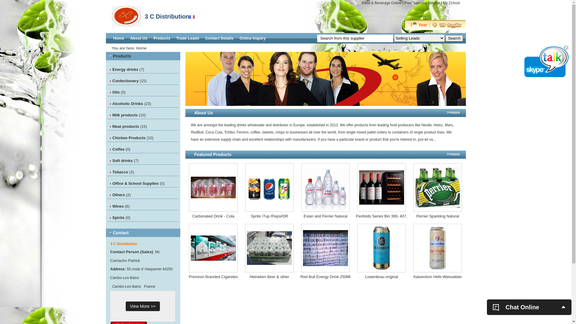 This screenshot has width=576, height=324. I want to click on 'Contact', so click(112, 232).